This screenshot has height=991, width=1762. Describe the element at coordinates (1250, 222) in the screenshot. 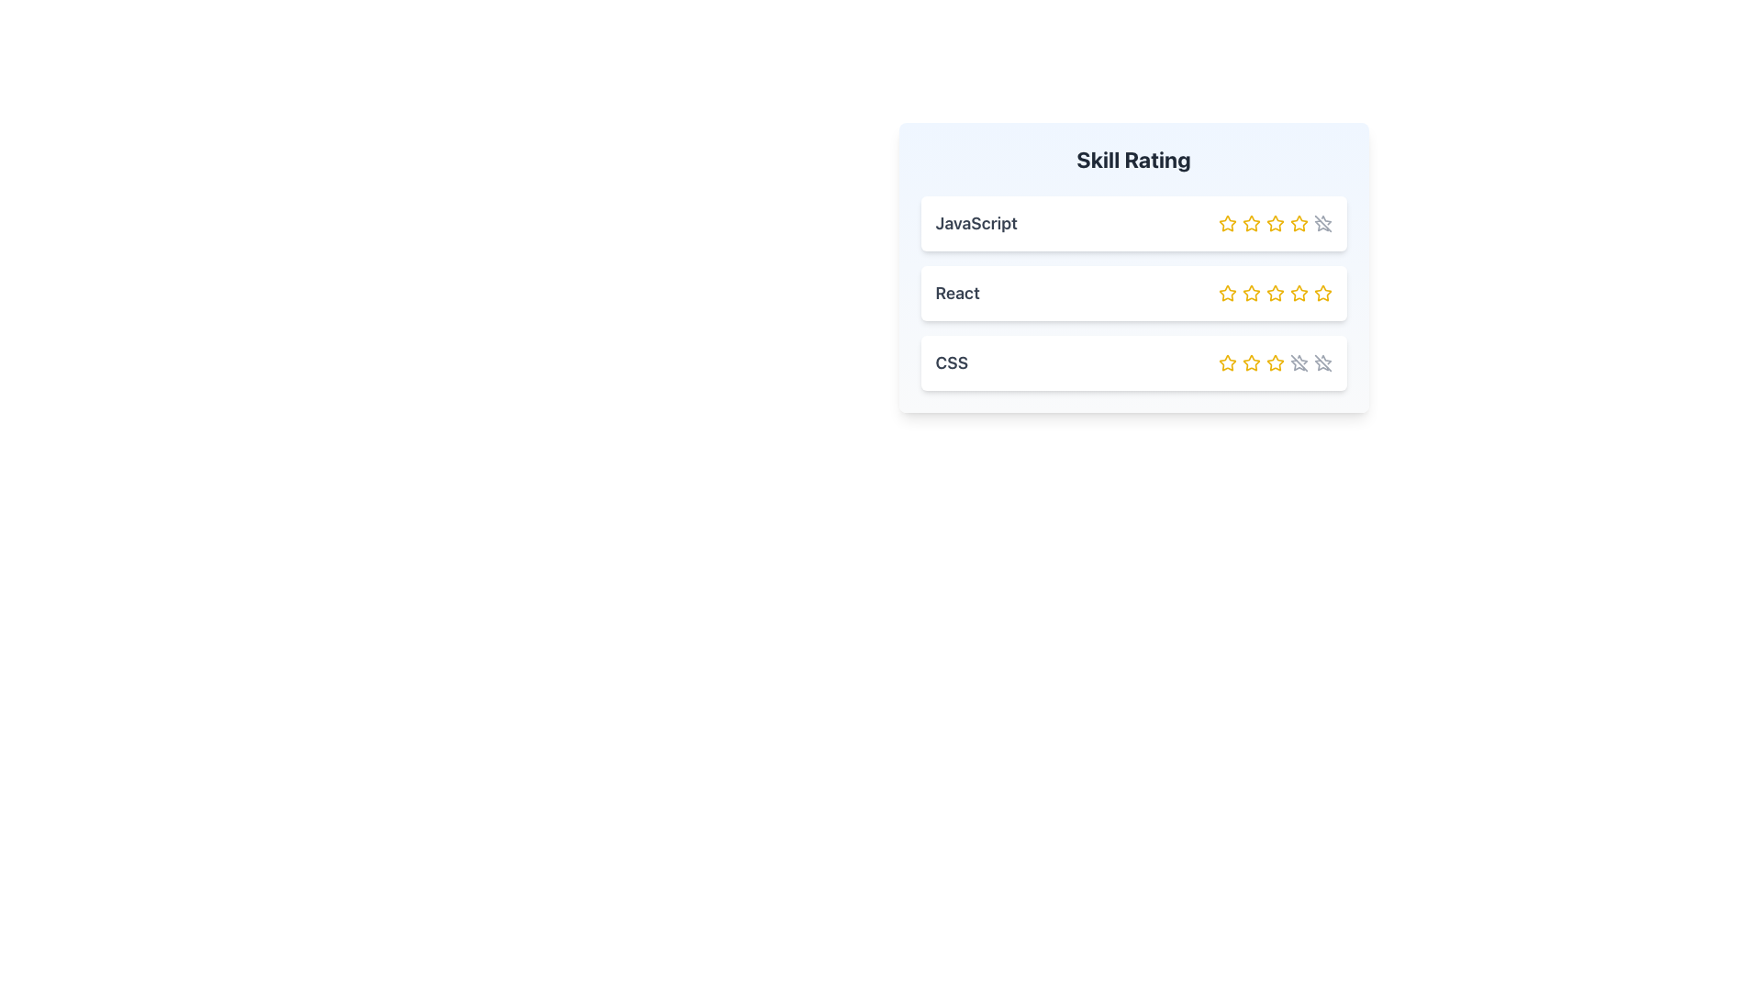

I see `the second star icon` at that location.